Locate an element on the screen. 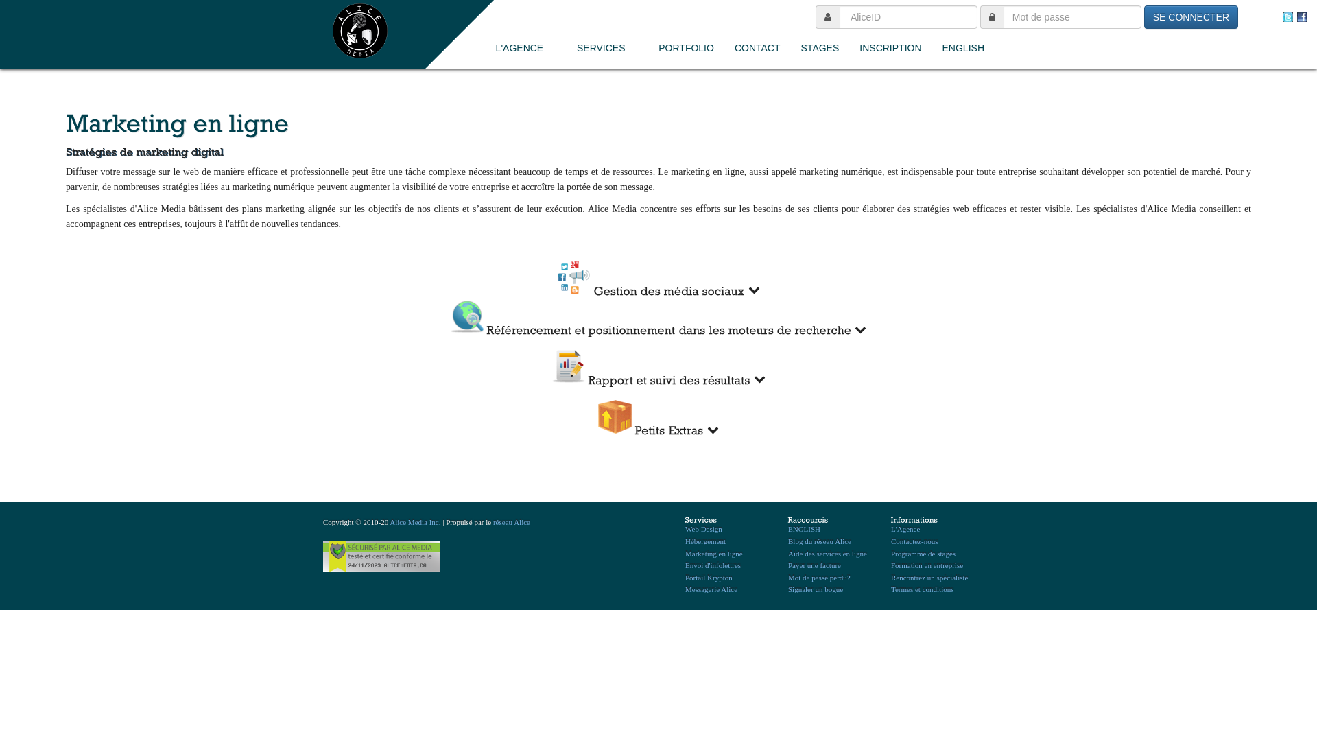 Image resolution: width=1317 pixels, height=741 pixels. 'L'Agence' is located at coordinates (905, 528).